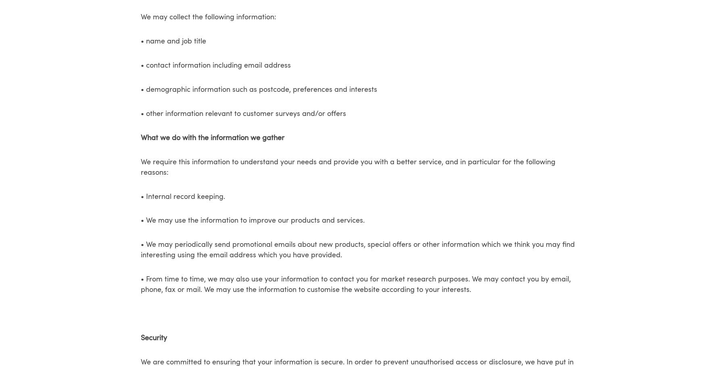 The height and width of the screenshot is (366, 718). I want to click on 'contact information including email address', so click(146, 65).